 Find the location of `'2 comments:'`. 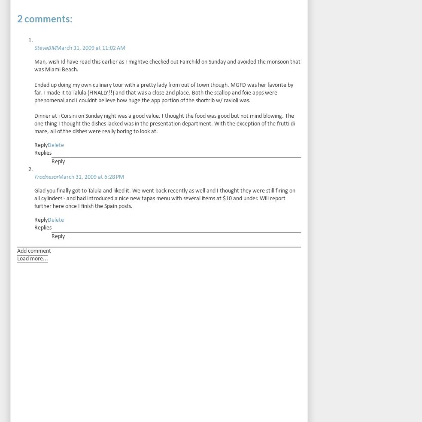

'2 comments:' is located at coordinates (44, 18).